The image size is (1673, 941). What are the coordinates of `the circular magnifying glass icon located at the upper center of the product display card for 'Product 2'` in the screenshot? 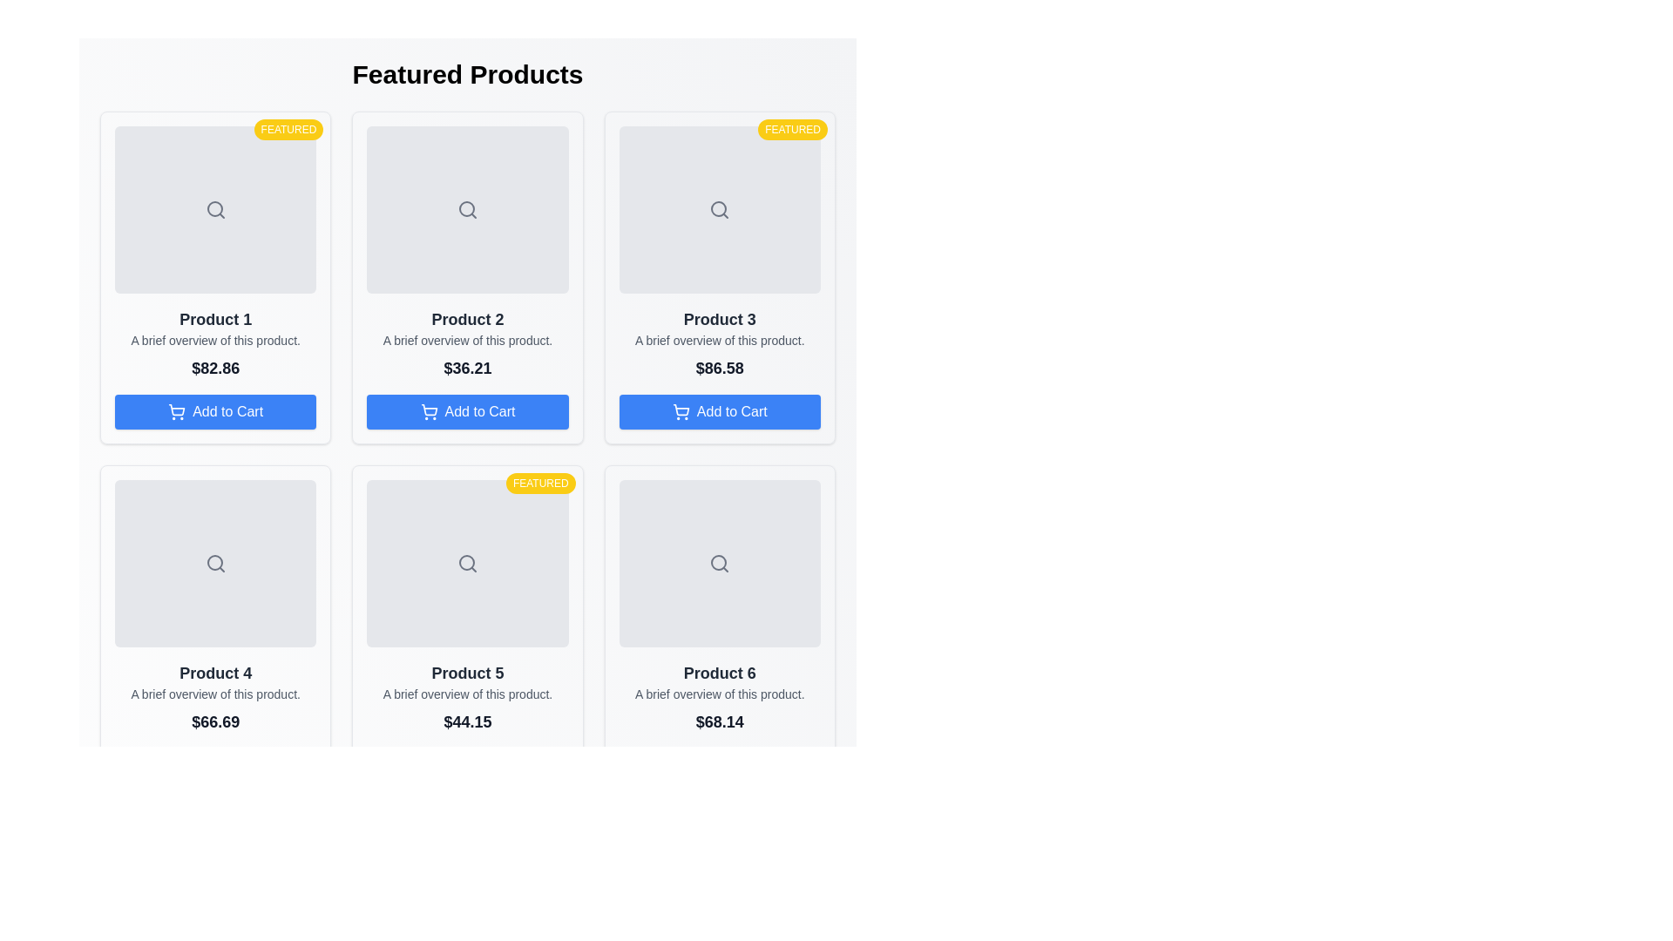 It's located at (467, 207).